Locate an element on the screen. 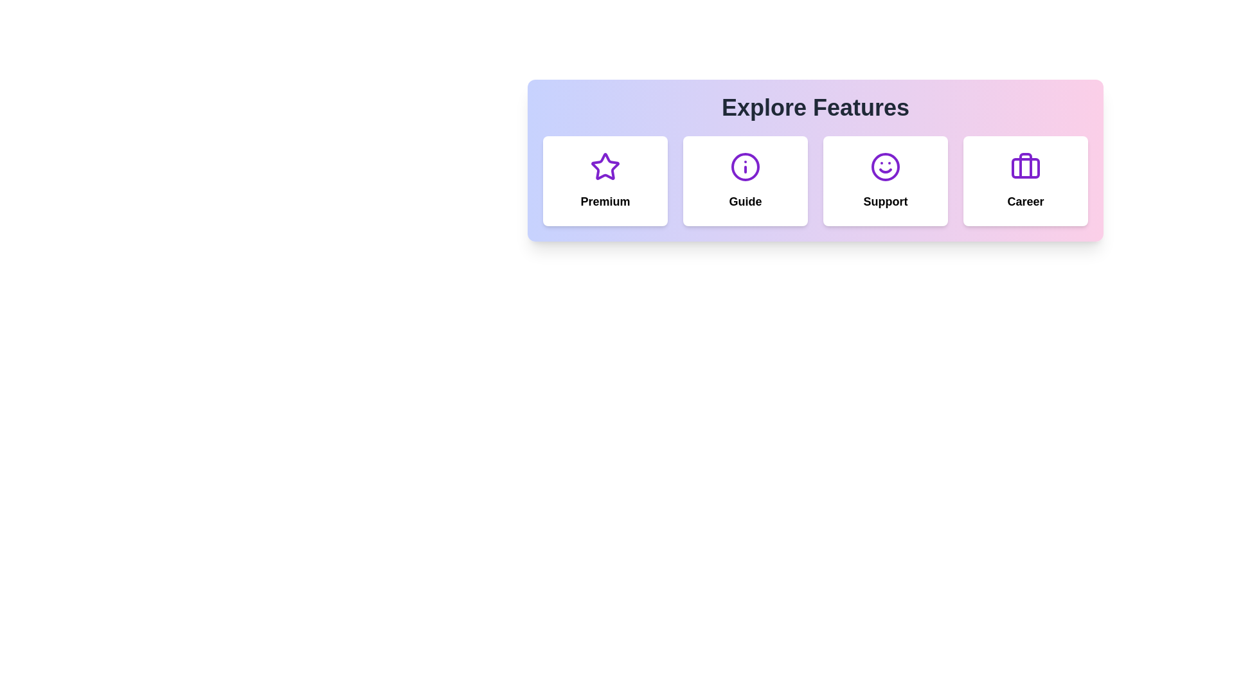 This screenshot has height=694, width=1234. the containing card of the briefcase icon within the fourth card labeled 'Career' under 'Explore Features' is located at coordinates (1025, 168).